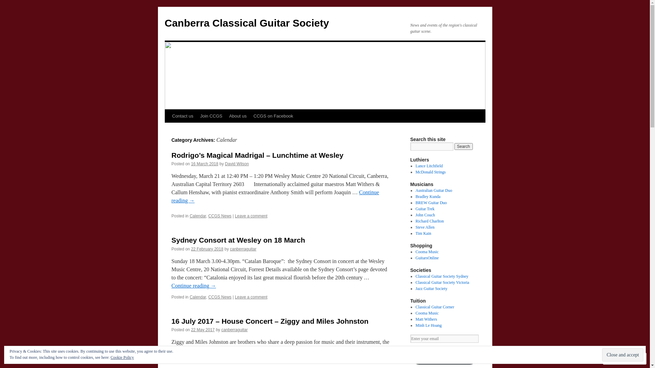  Describe the element at coordinates (191, 164) in the screenshot. I see `'16 March 2018'` at that location.